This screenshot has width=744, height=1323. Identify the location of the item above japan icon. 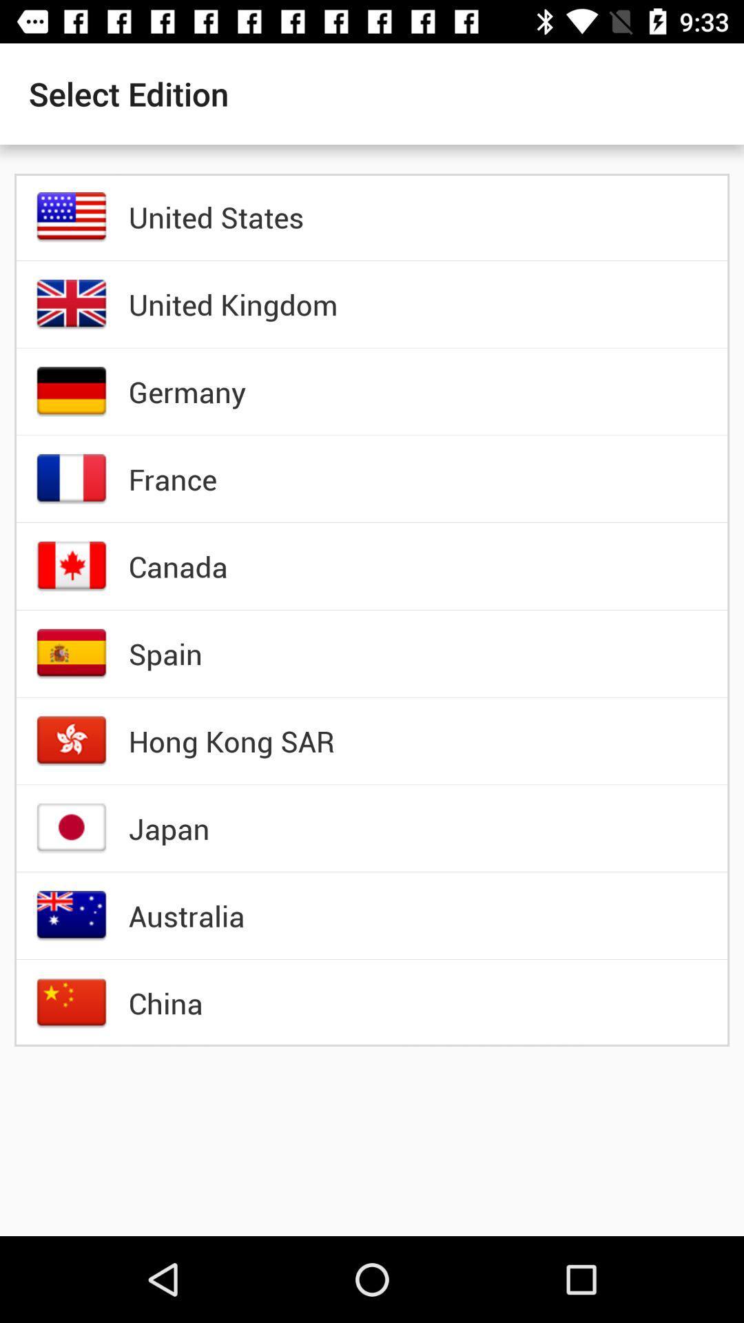
(231, 740).